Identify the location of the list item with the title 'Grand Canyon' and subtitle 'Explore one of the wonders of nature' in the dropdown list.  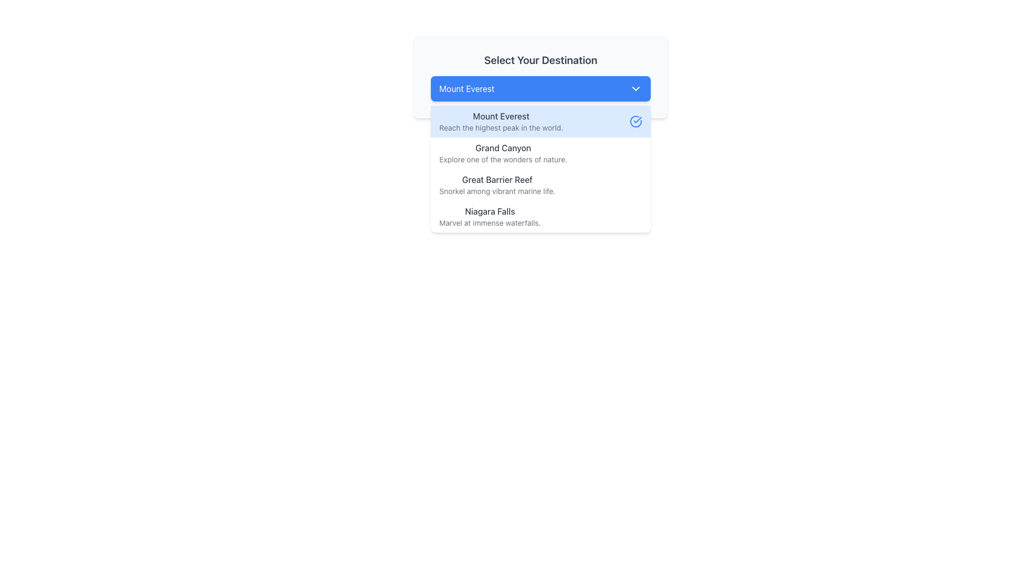
(503, 153).